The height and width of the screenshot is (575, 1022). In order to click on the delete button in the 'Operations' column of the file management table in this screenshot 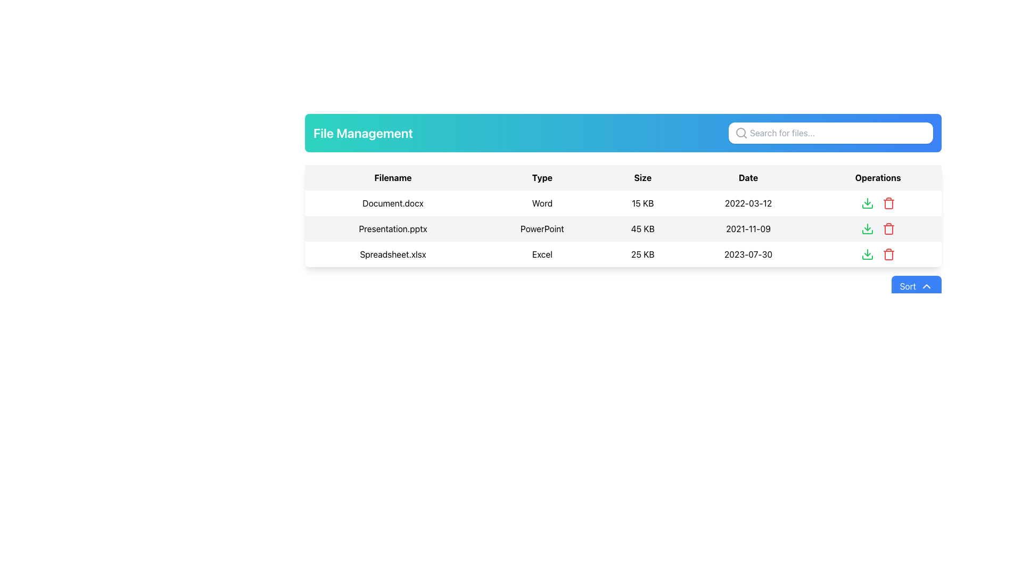, I will do `click(888, 228)`.